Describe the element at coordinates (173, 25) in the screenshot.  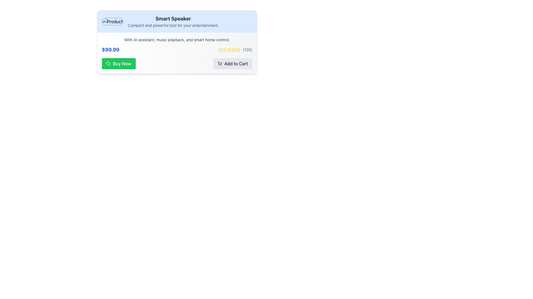
I see `the text label displaying 'Compact and powerful tool for your entertainment.' which is positioned under the title 'Smart Speaker'` at that location.